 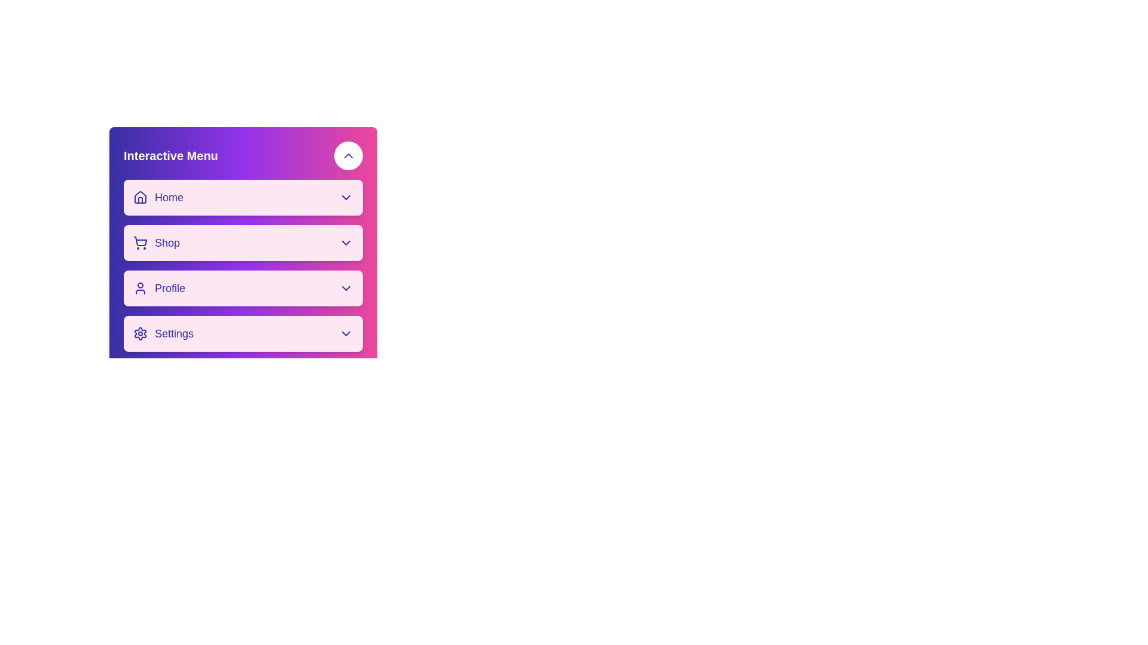 What do you see at coordinates (347, 155) in the screenshot?
I see `the icon located in the top-right corner of the 'Interactive Menu' gradient panel` at bounding box center [347, 155].